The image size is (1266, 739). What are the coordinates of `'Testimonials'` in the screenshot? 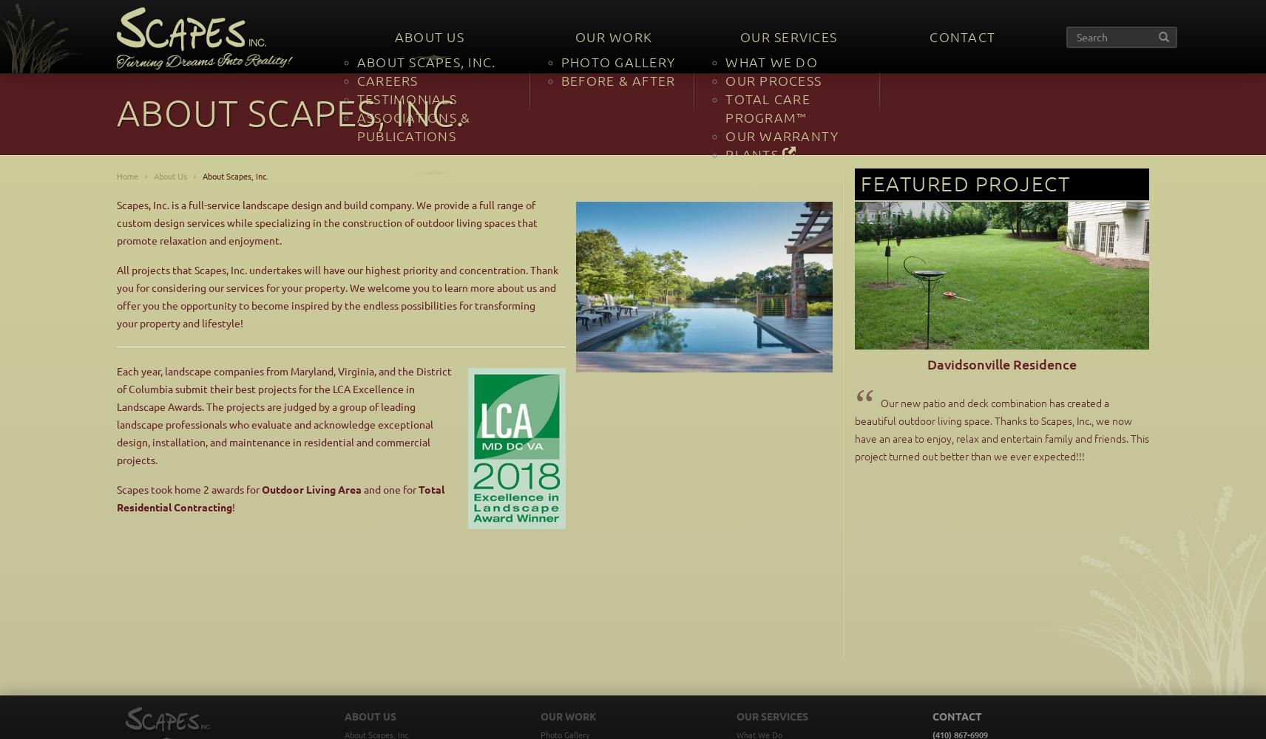 It's located at (405, 98).